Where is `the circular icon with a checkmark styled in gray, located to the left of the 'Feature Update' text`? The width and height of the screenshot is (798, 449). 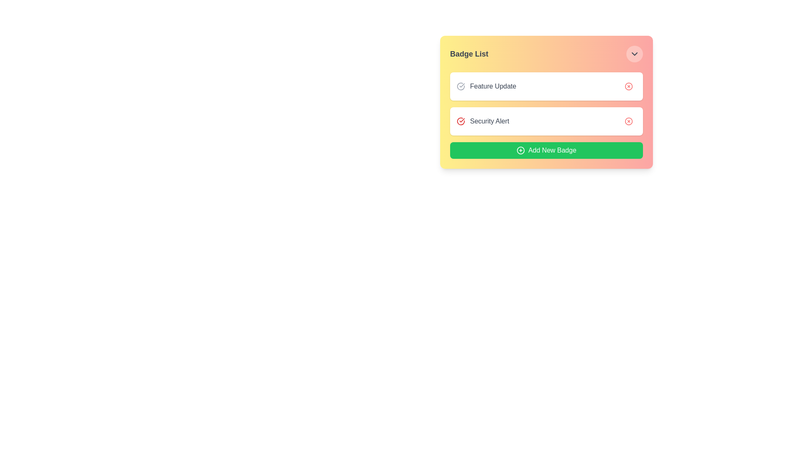 the circular icon with a checkmark styled in gray, located to the left of the 'Feature Update' text is located at coordinates (460, 86).